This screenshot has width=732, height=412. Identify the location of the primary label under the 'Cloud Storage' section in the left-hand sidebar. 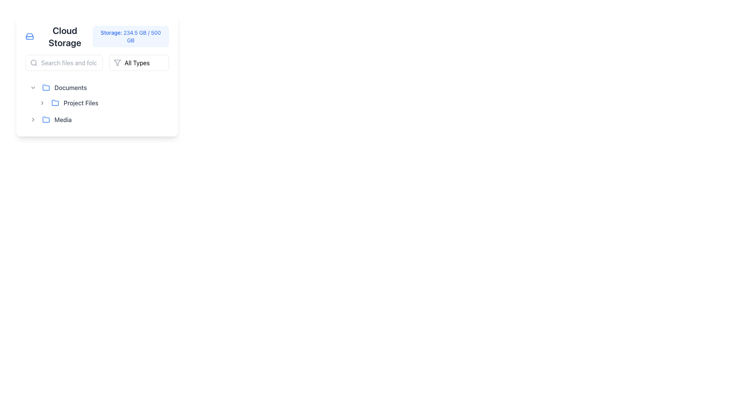
(67, 87).